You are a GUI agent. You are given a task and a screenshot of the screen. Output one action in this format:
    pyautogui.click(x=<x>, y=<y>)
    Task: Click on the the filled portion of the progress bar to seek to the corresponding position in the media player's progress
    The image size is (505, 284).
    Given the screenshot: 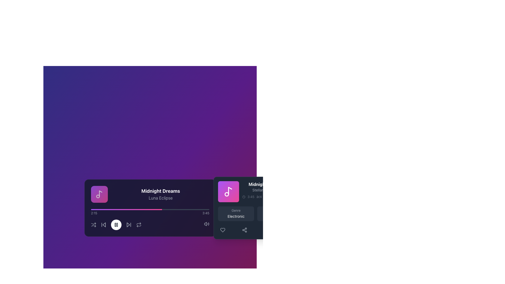 What is the action you would take?
    pyautogui.click(x=126, y=209)
    